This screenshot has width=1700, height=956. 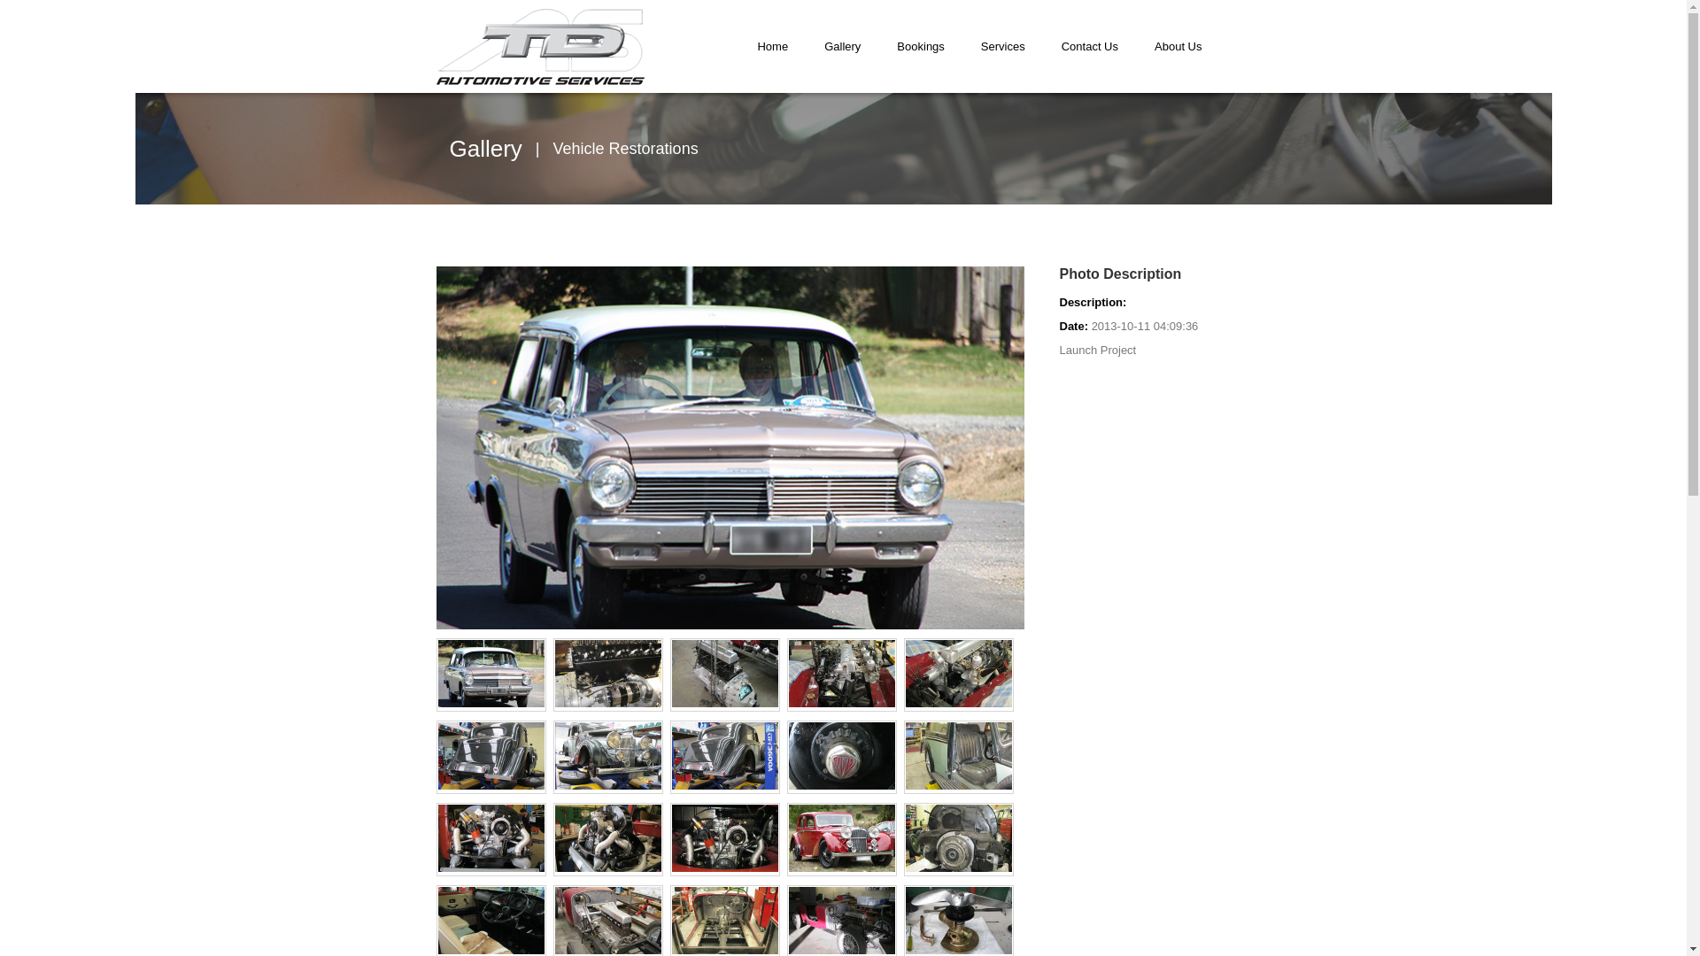 What do you see at coordinates (1002, 45) in the screenshot?
I see `'Services'` at bounding box center [1002, 45].